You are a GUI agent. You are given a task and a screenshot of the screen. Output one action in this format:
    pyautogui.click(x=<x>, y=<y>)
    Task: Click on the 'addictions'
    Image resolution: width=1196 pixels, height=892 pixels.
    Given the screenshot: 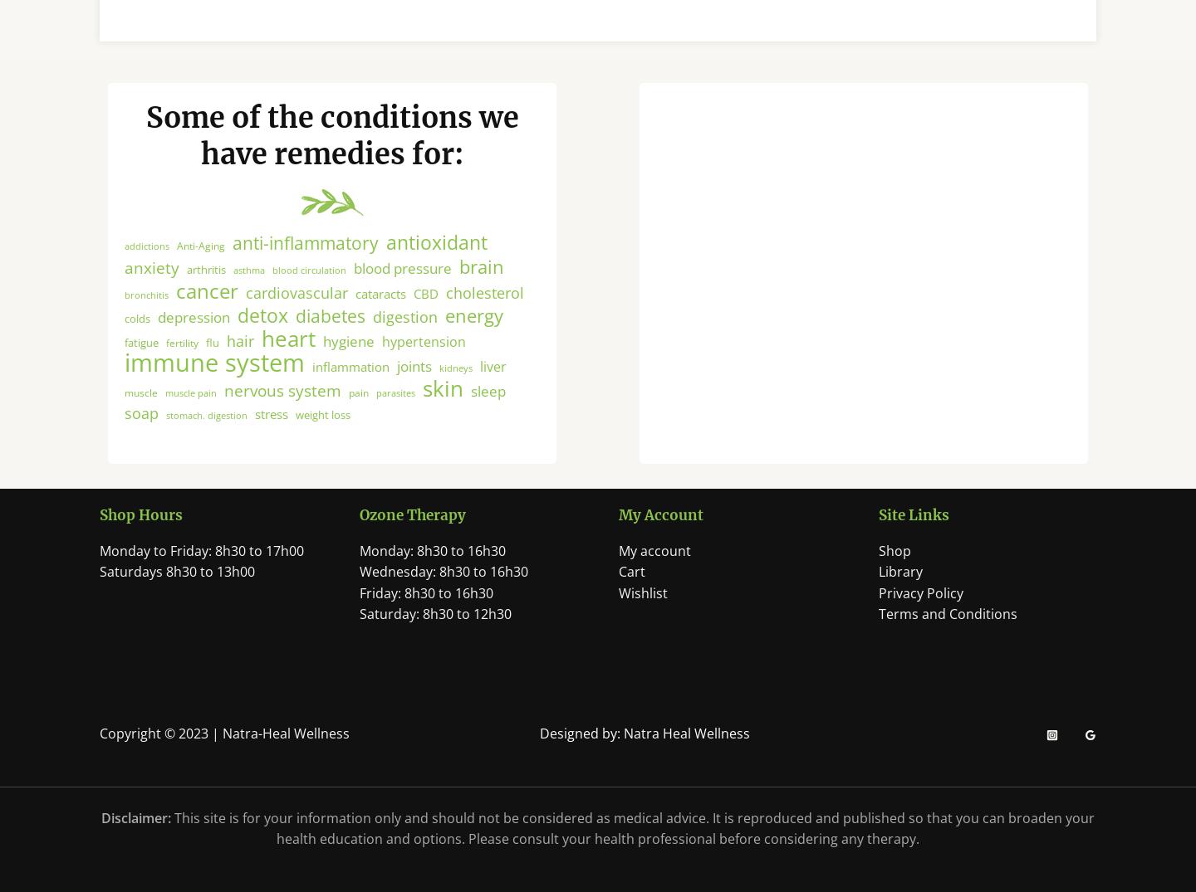 What is the action you would take?
    pyautogui.click(x=145, y=256)
    